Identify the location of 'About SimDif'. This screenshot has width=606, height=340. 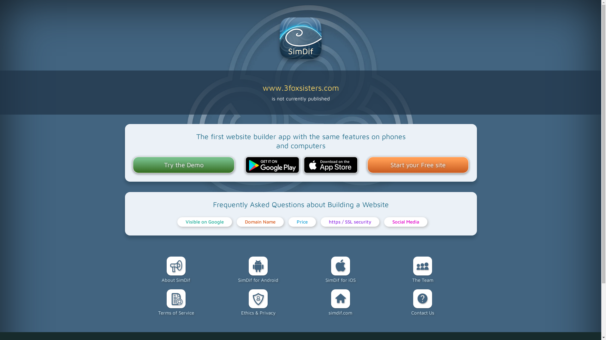
(176, 269).